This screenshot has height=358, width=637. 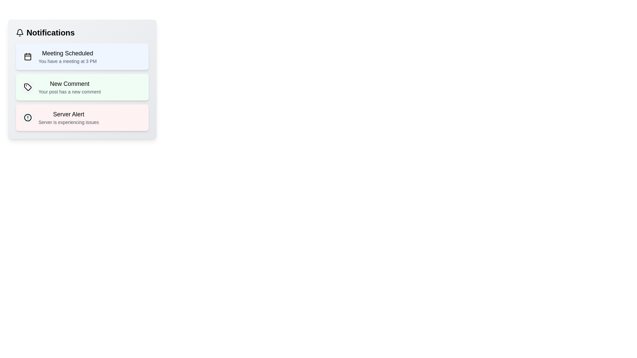 I want to click on the notification titled 'Meeting Scheduled' to view its details, so click(x=82, y=56).